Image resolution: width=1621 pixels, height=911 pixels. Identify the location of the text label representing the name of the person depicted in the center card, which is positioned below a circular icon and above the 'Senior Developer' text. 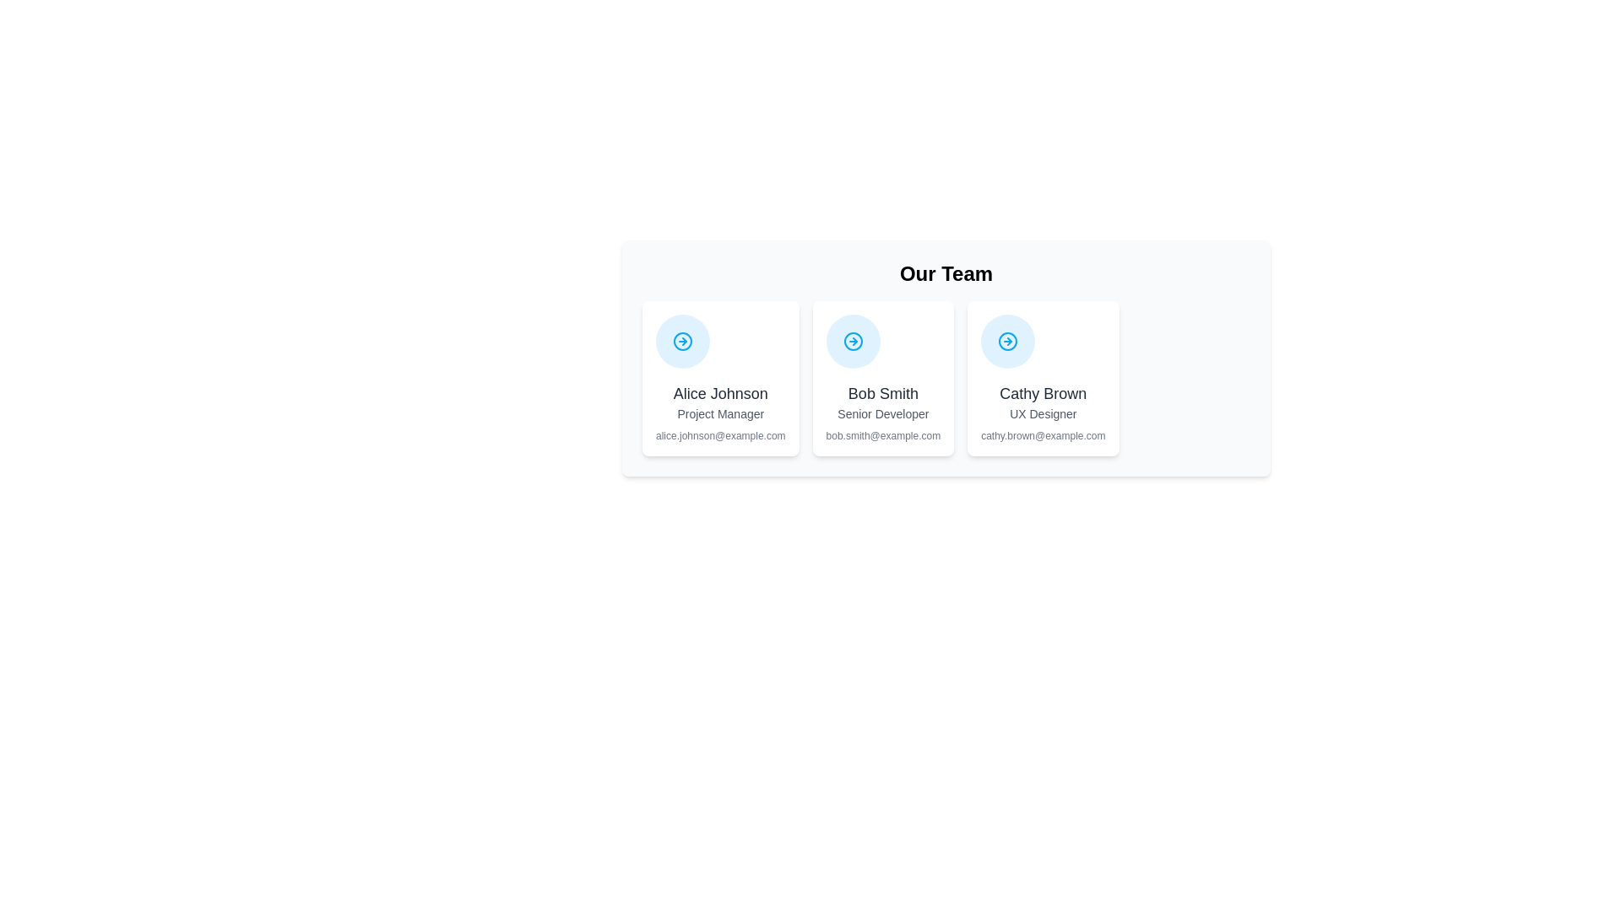
(882, 393).